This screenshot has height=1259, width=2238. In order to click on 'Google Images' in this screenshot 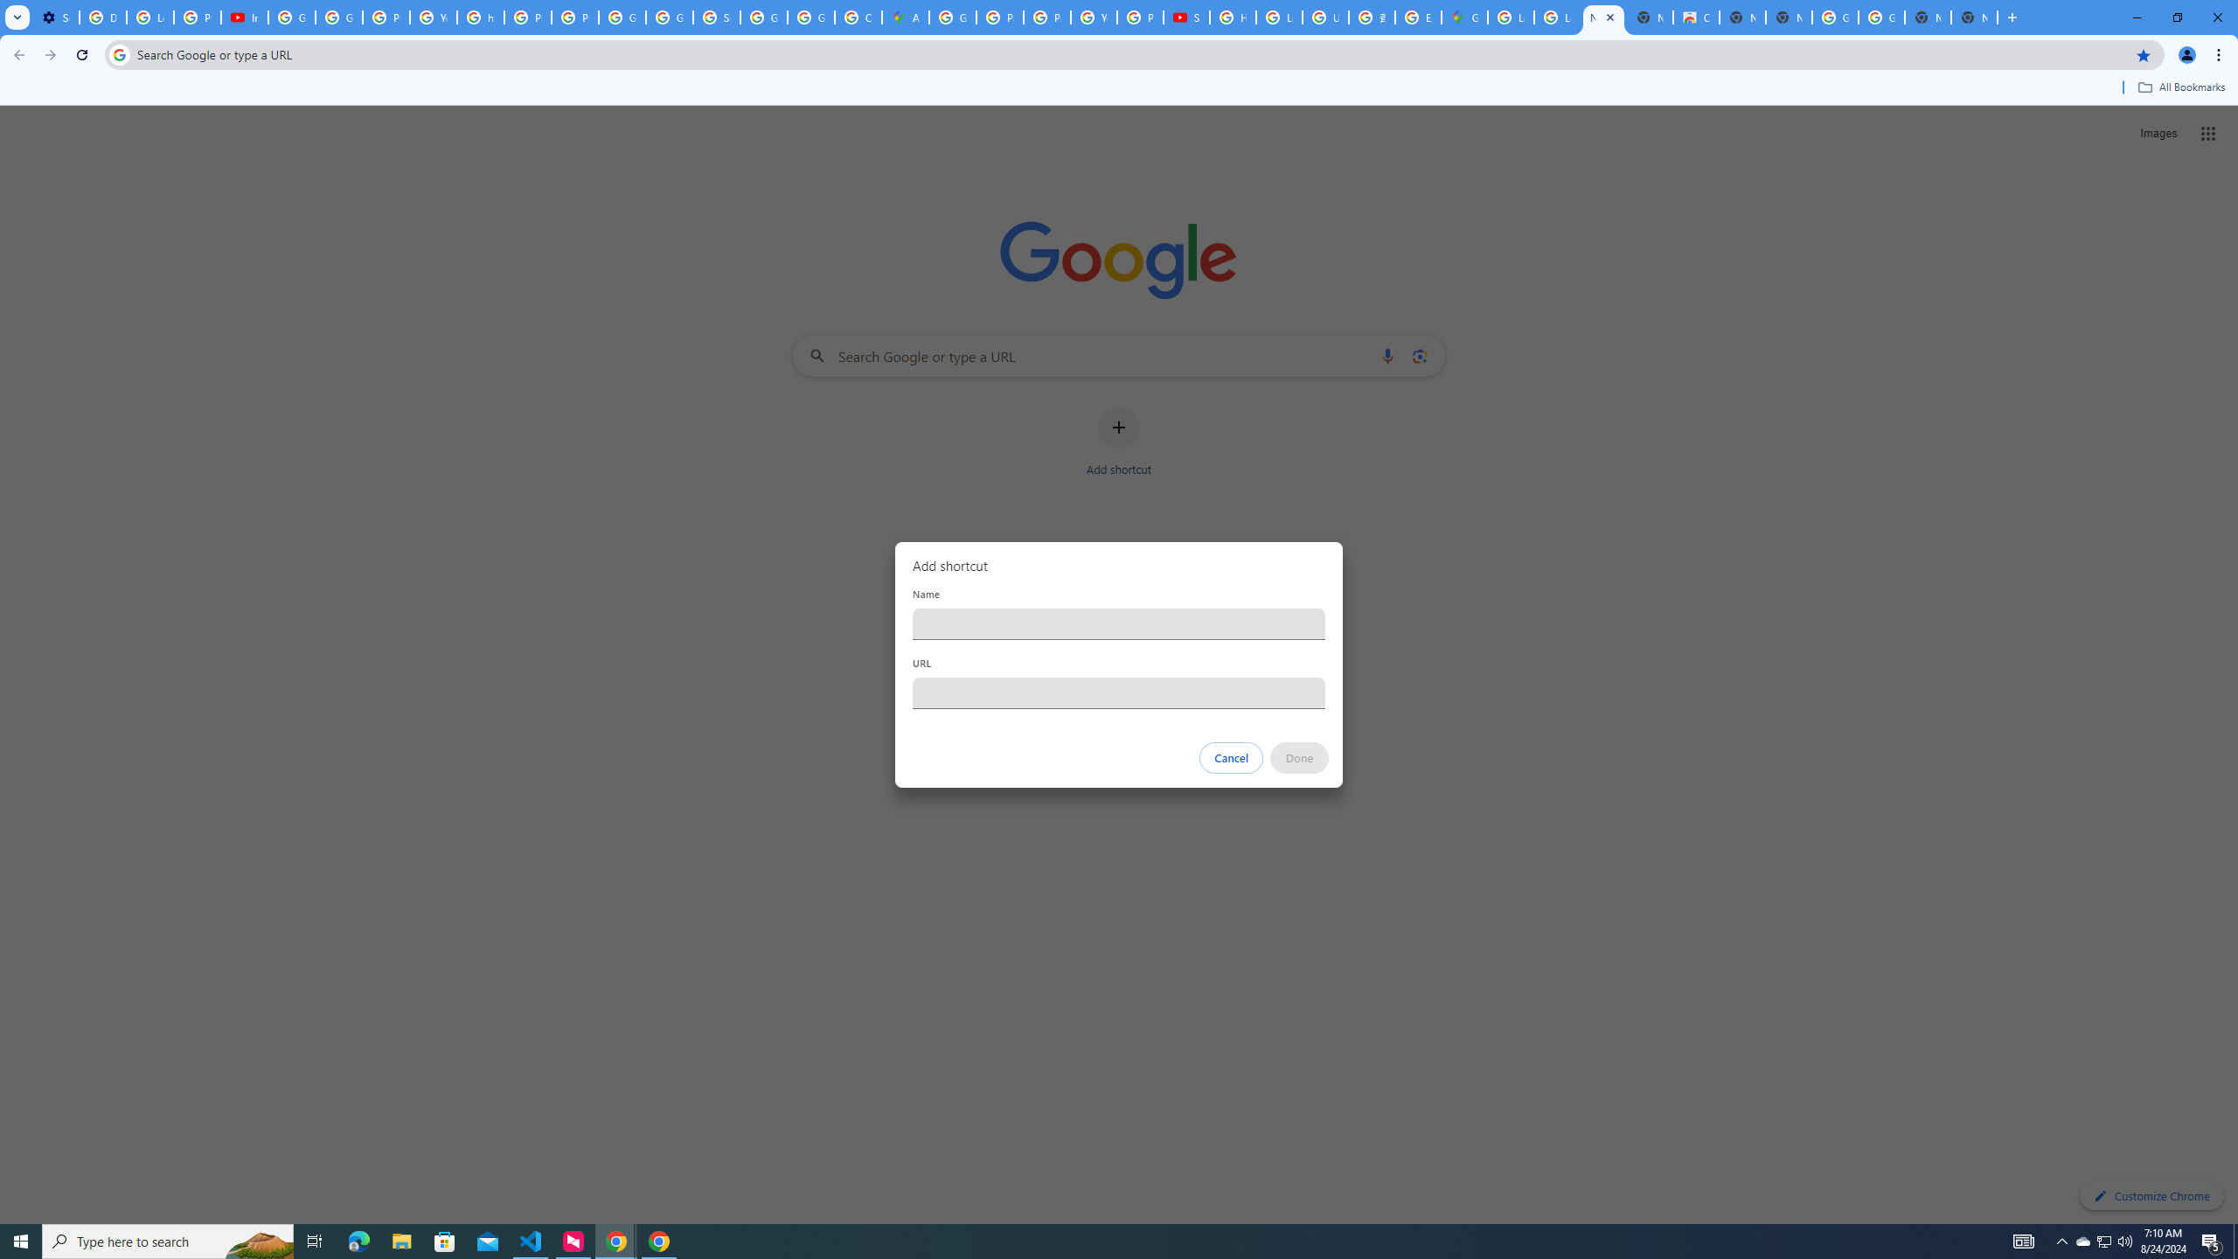, I will do `click(1835, 17)`.